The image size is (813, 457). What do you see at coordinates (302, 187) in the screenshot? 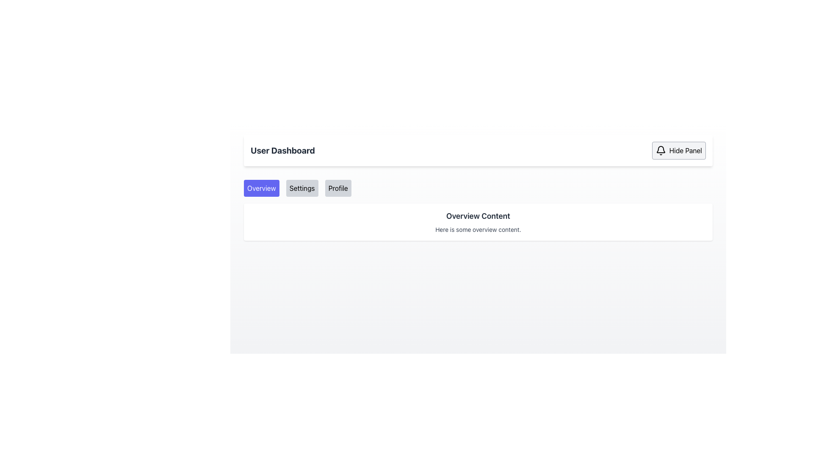
I see `the second button in the navigation bar beneath 'User Dashboard'` at bounding box center [302, 187].